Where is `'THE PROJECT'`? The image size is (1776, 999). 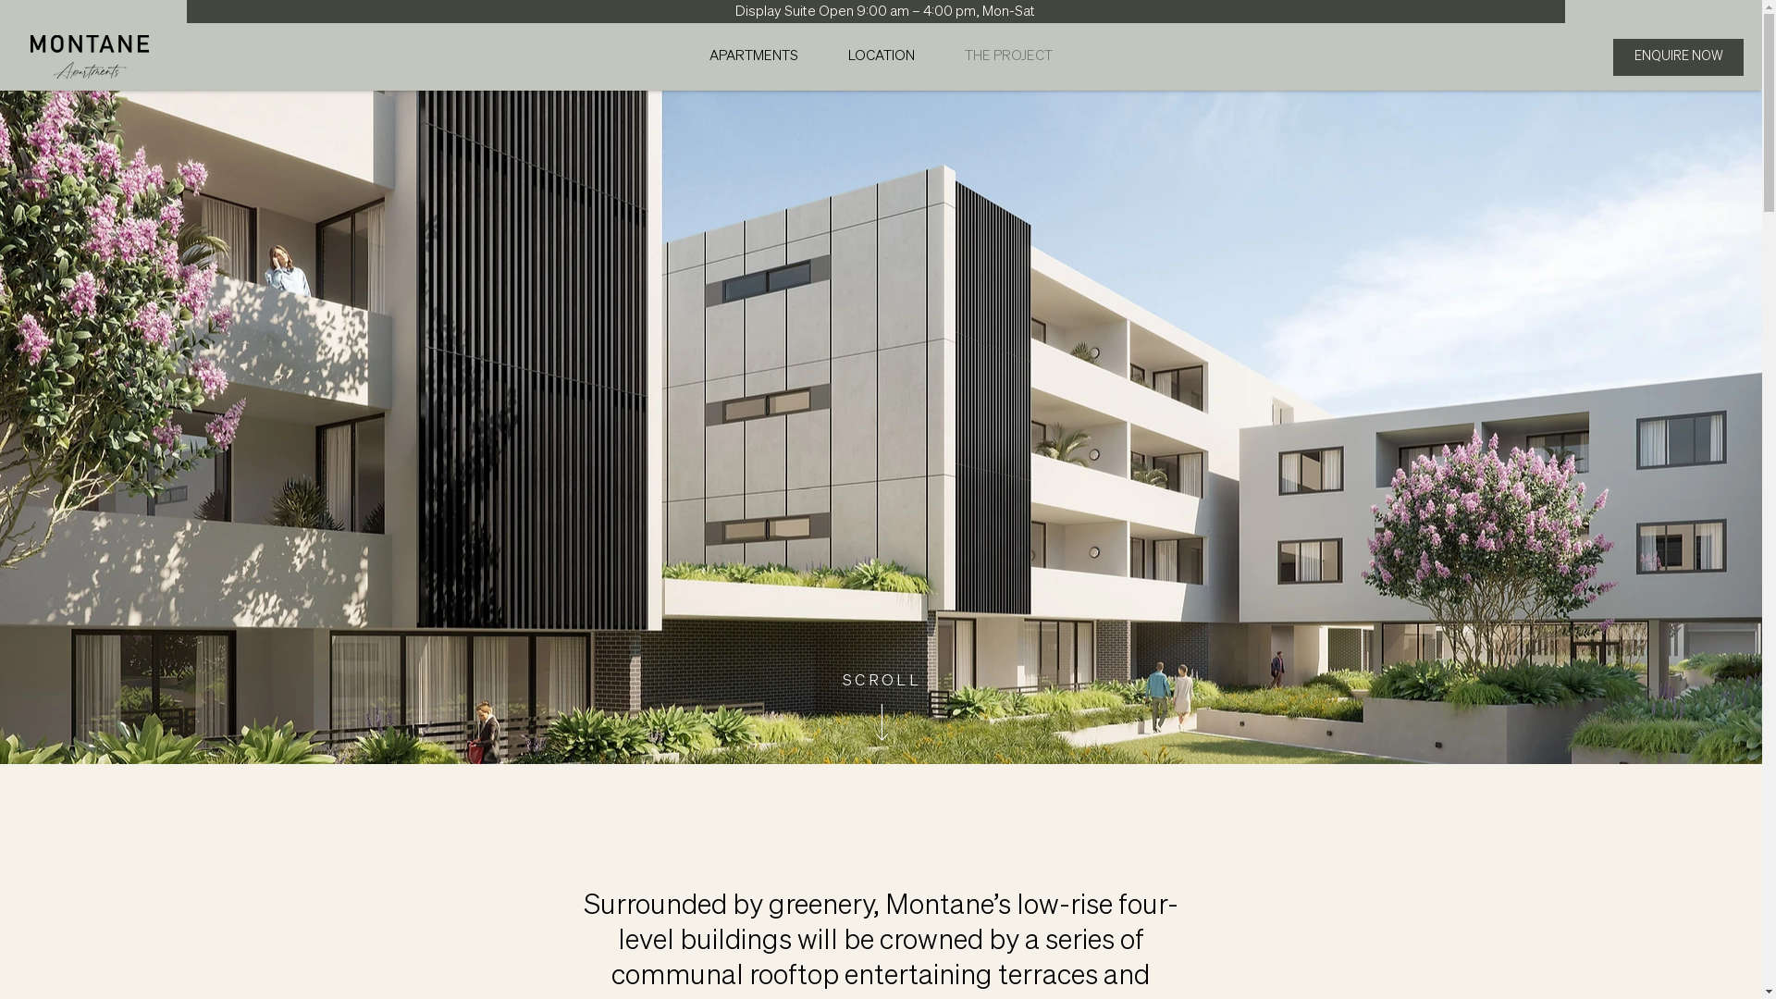 'THE PROJECT' is located at coordinates (1007, 55).